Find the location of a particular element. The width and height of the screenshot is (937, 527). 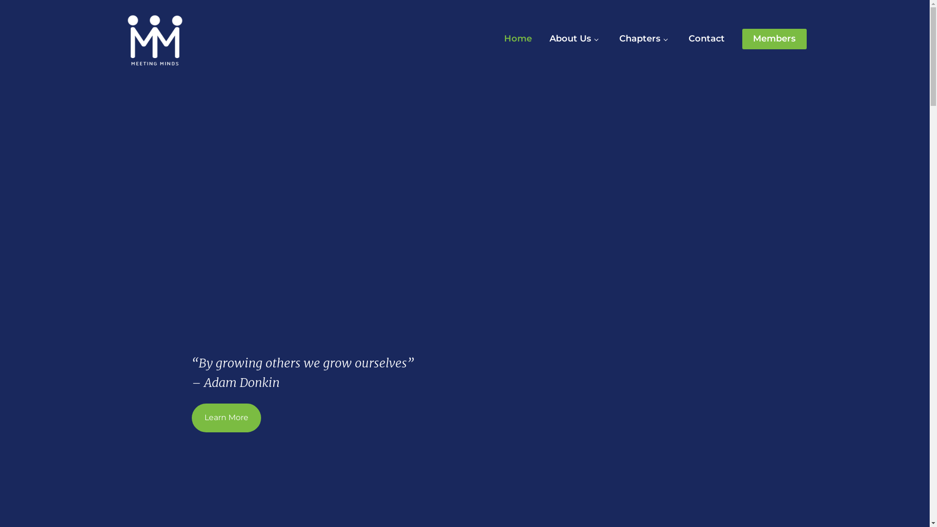

'Learn More' is located at coordinates (225, 417).